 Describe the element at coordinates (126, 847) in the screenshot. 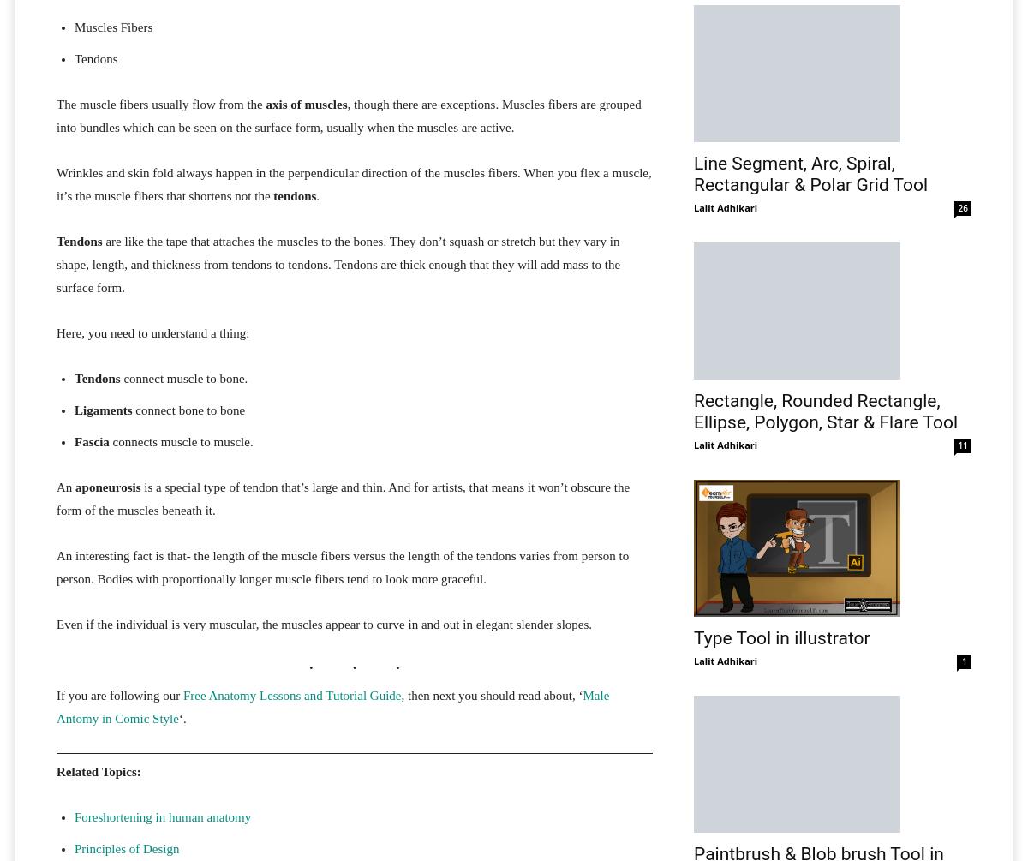

I see `'Principles of Design'` at that location.